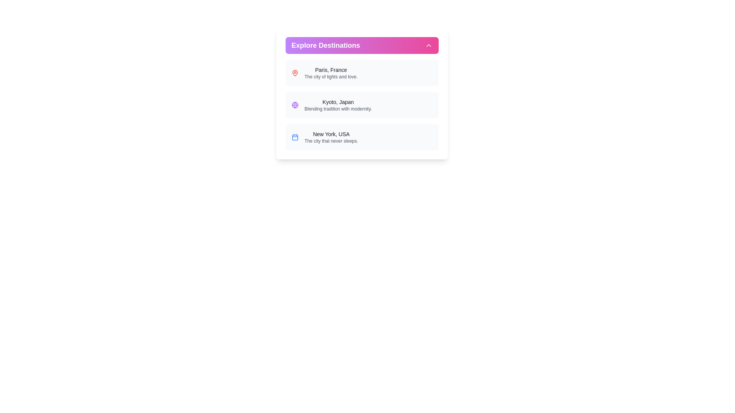  Describe the element at coordinates (331, 134) in the screenshot. I see `text label that displays 'New York, USA', located at the top of the third card in a list of destination cards` at that location.